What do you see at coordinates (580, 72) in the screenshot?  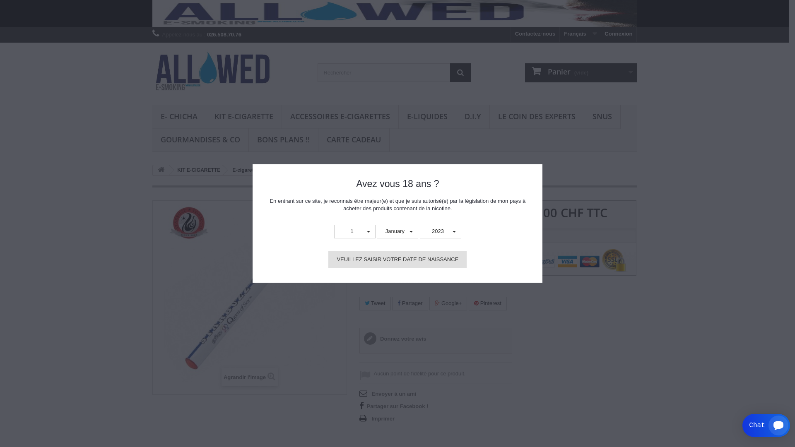 I see `'Panier (vide)'` at bounding box center [580, 72].